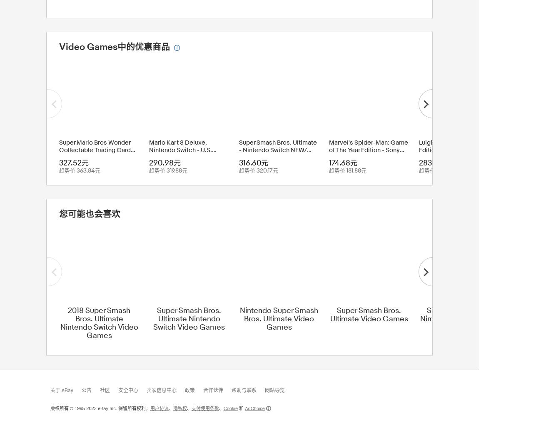 Image resolution: width=546 pixels, height=433 pixels. What do you see at coordinates (456, 149) in the screenshot?
I see `'Luigi's Mansion 3 Standard Edition - Nintendo Switch - Brand New'` at bounding box center [456, 149].